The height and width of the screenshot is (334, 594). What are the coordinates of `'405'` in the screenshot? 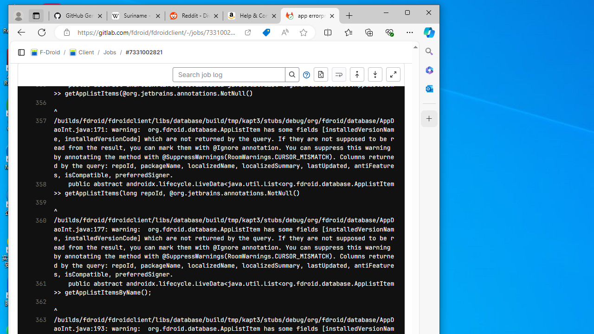 It's located at (34, 163).